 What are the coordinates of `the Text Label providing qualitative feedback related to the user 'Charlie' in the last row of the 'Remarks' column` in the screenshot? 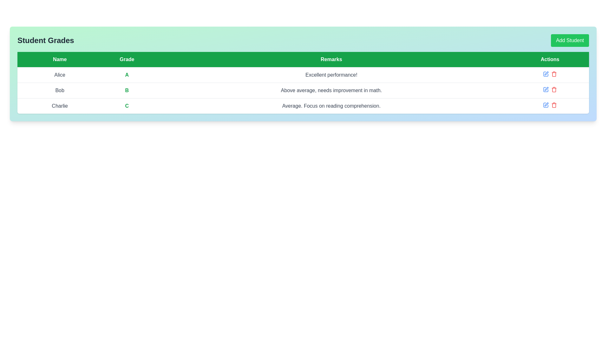 It's located at (331, 105).